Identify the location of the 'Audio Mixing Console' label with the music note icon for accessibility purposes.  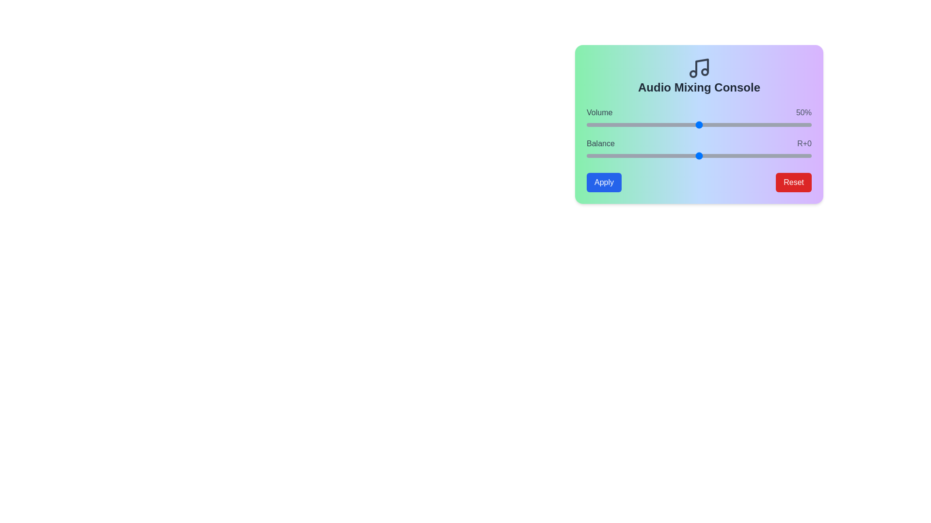
(699, 76).